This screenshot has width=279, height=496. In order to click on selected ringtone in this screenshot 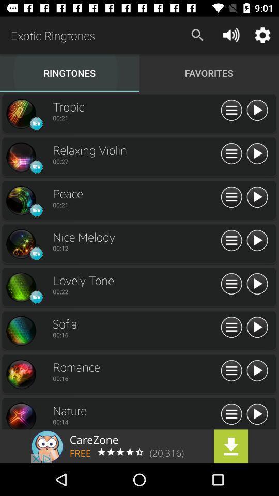, I will do `click(21, 415)`.